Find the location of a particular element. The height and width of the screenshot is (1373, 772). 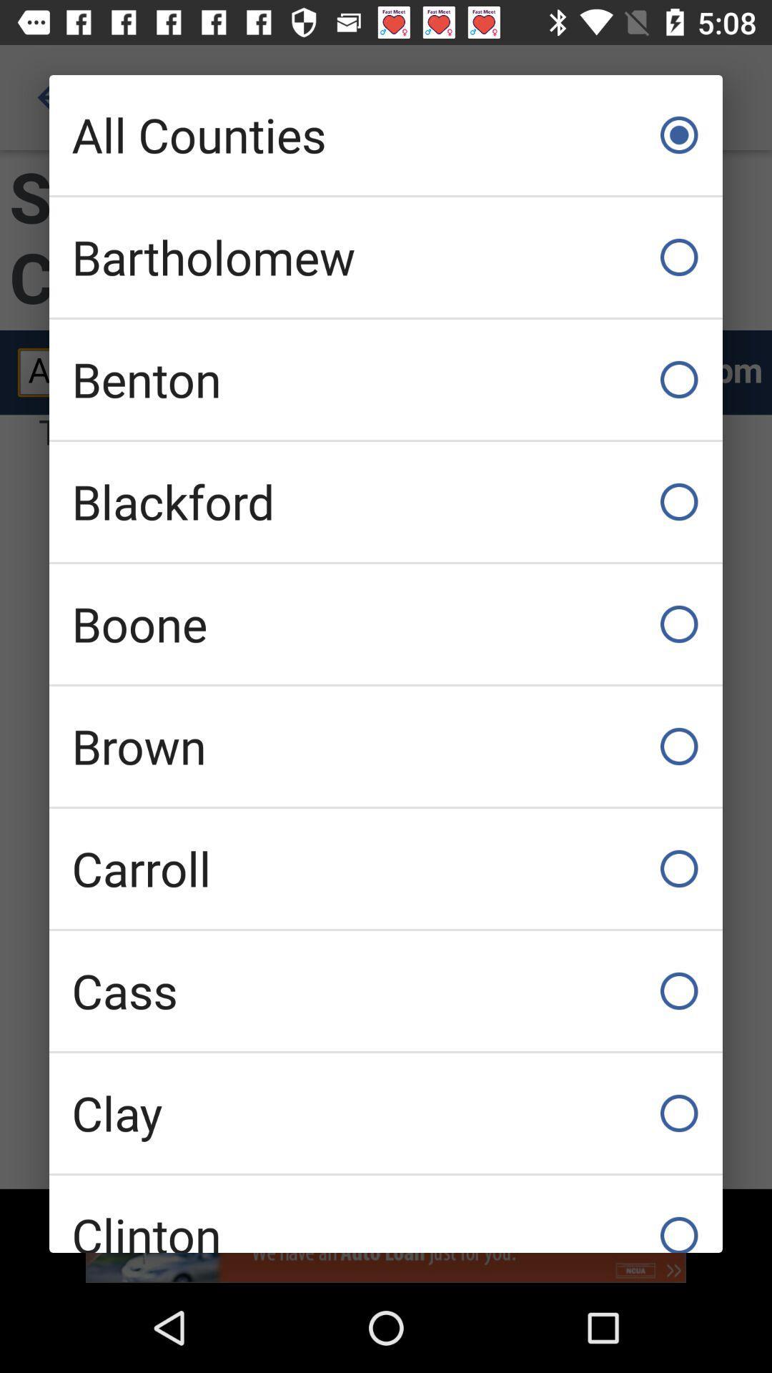

the blackford item is located at coordinates (386, 501).